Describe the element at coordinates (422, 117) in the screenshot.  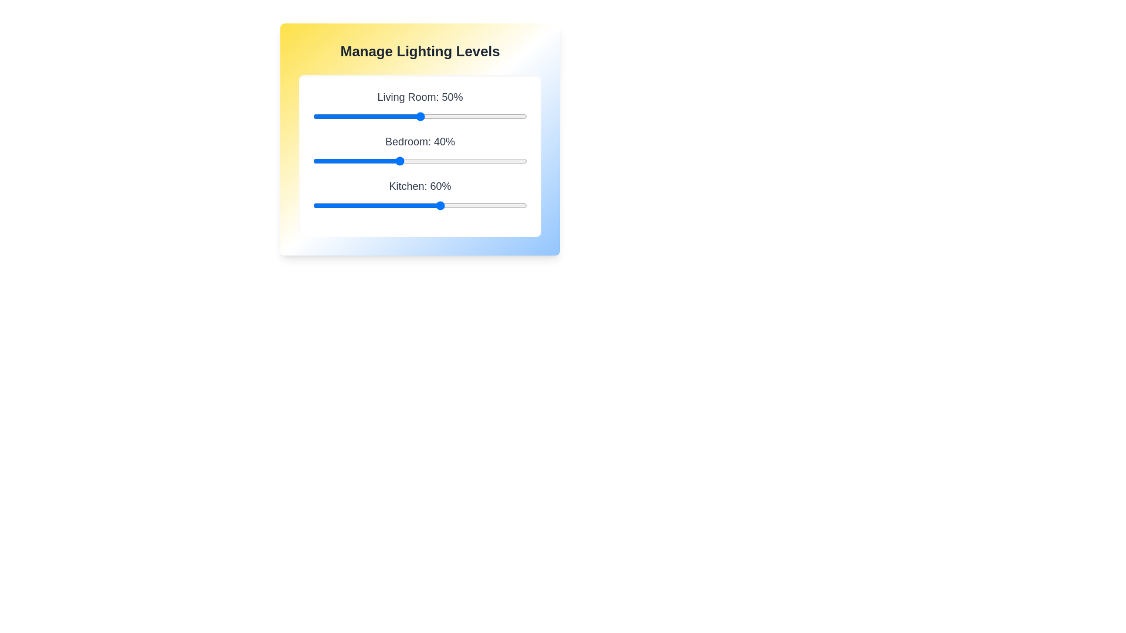
I see `the Living Room lighting slider to 51%` at that location.